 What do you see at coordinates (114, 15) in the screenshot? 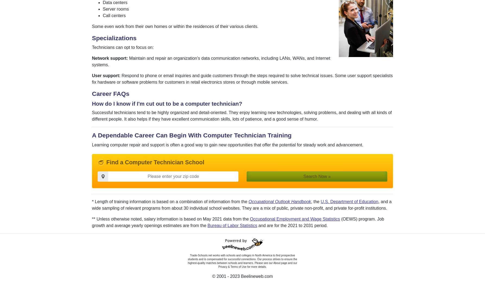
I see `'Call centers'` at bounding box center [114, 15].